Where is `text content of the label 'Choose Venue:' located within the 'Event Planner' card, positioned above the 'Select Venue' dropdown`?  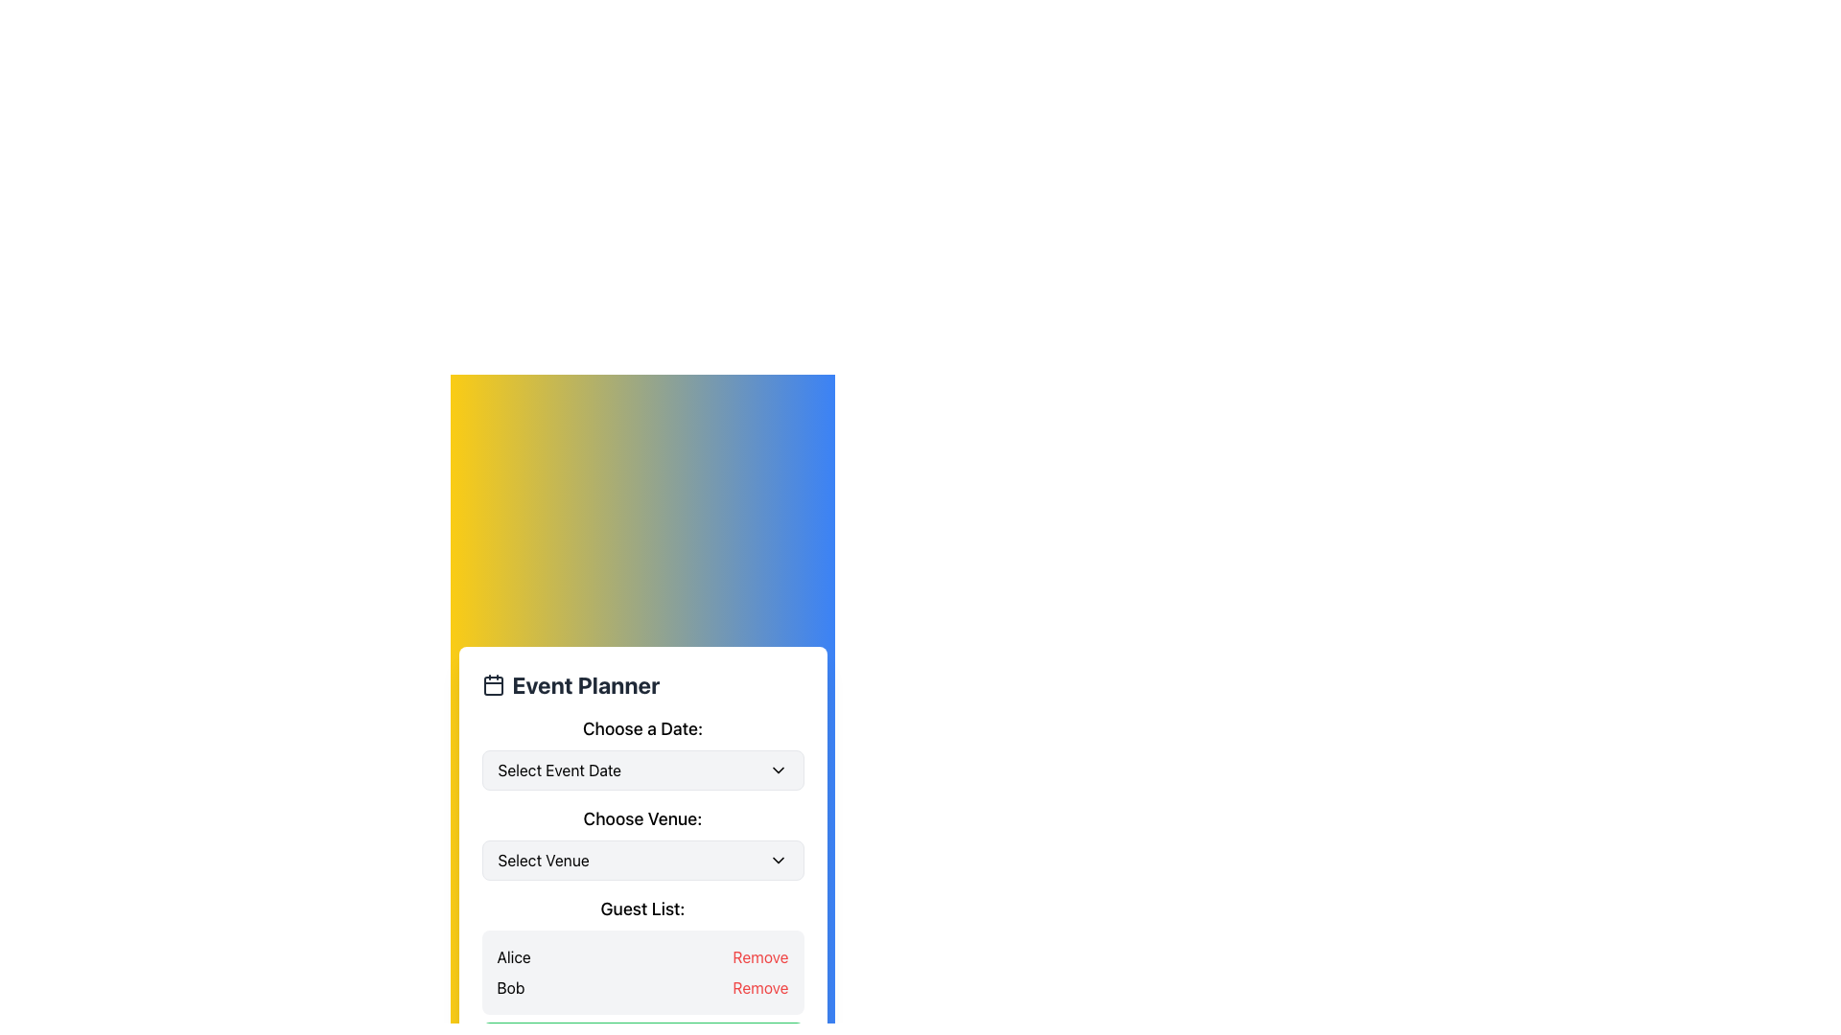
text content of the label 'Choose Venue:' located within the 'Event Planner' card, positioned above the 'Select Venue' dropdown is located at coordinates (642, 819).